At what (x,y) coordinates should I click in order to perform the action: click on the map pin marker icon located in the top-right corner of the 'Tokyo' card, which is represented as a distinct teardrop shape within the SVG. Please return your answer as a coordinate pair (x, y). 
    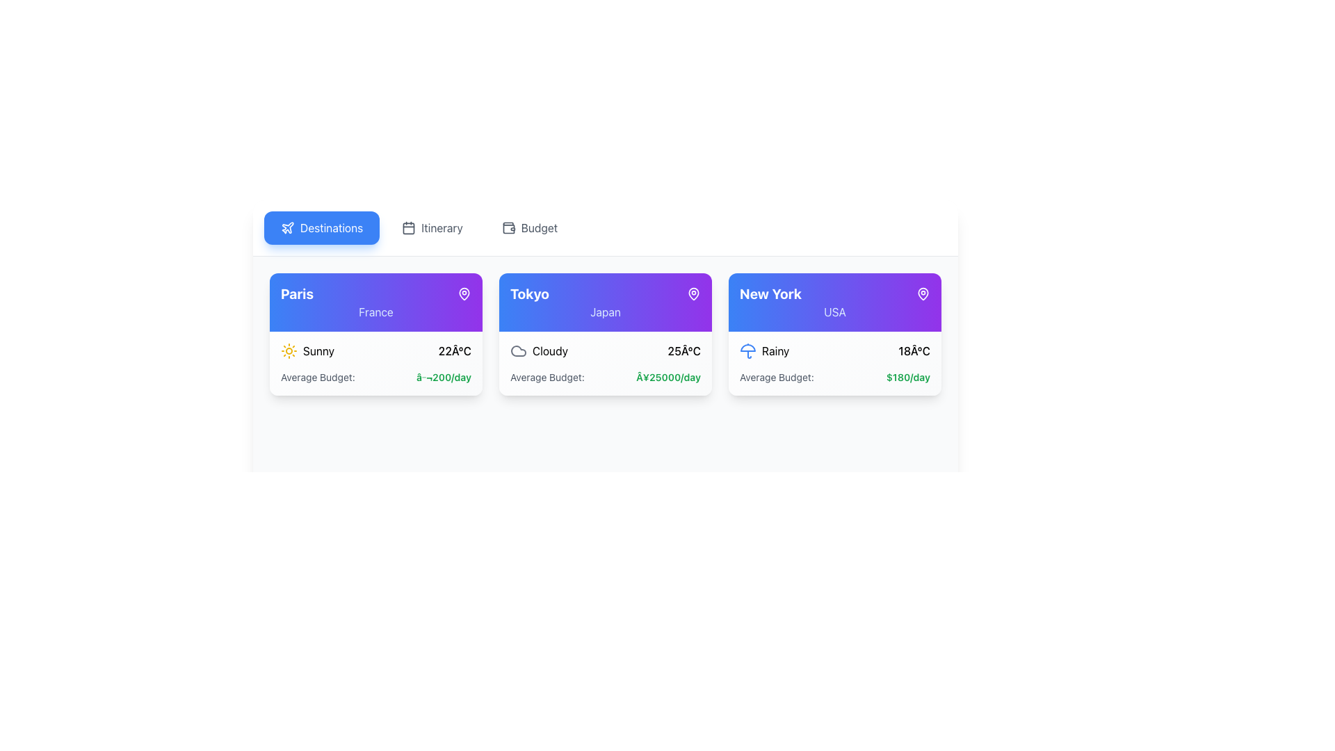
    Looking at the image, I should click on (694, 292).